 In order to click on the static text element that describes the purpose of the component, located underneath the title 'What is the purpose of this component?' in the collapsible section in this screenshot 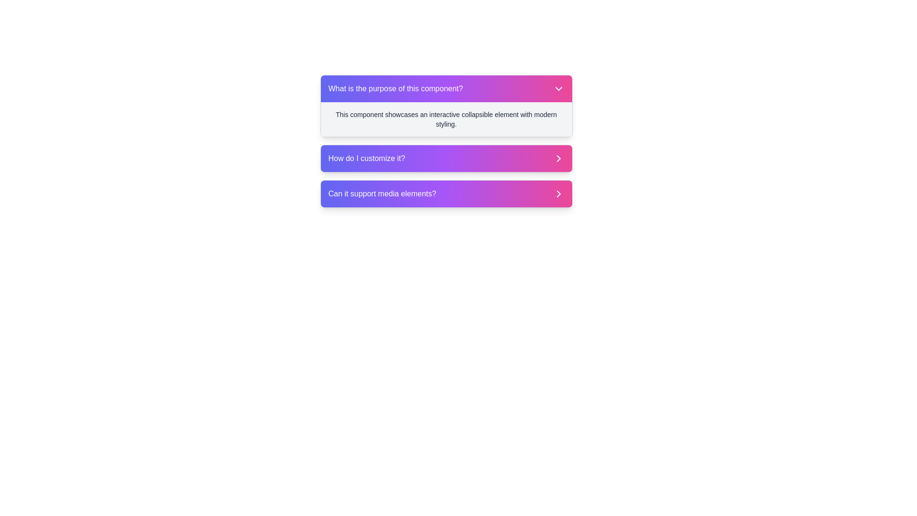, I will do `click(446, 119)`.